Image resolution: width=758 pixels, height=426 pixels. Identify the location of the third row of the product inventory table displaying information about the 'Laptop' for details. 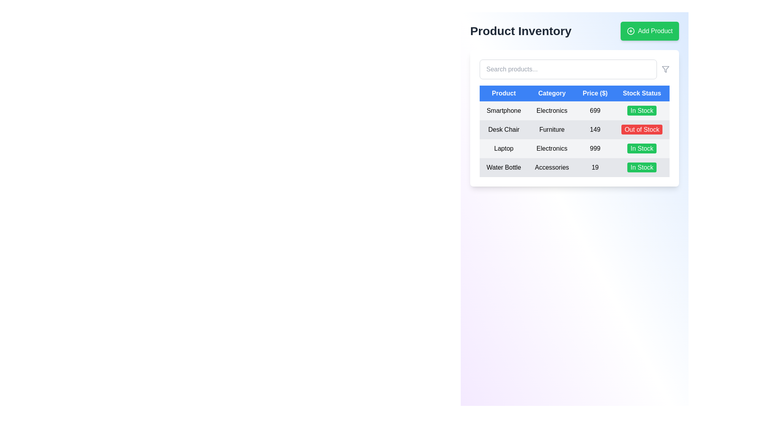
(574, 149).